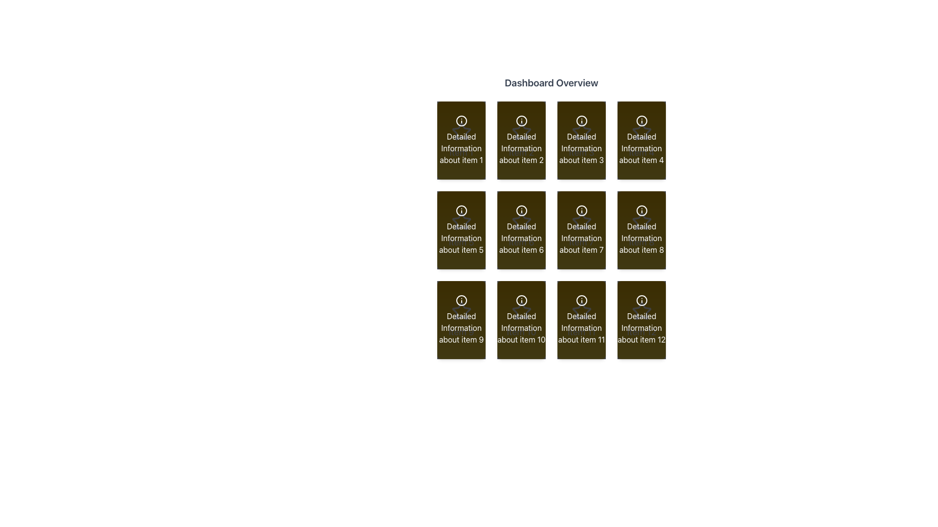  What do you see at coordinates (521, 148) in the screenshot?
I see `the text block displaying detailed information about 'item 2' located in the first row, second column of the grid layout` at bounding box center [521, 148].